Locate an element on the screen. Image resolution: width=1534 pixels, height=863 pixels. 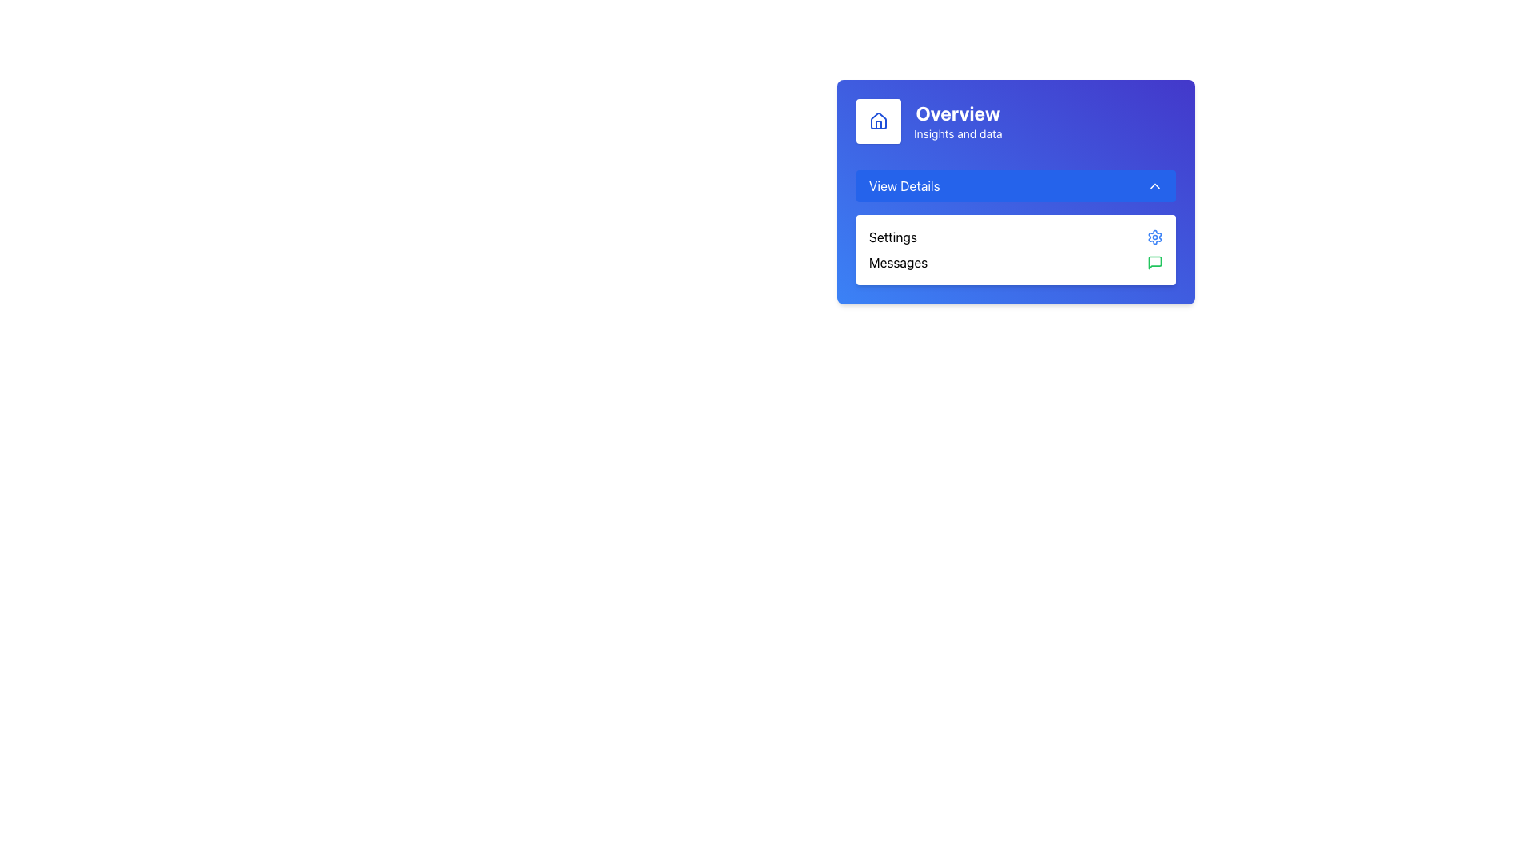
the blue house icon located in the top left corner of the 'Overview' card, above the text 'Insights and data' is located at coordinates (877, 120).